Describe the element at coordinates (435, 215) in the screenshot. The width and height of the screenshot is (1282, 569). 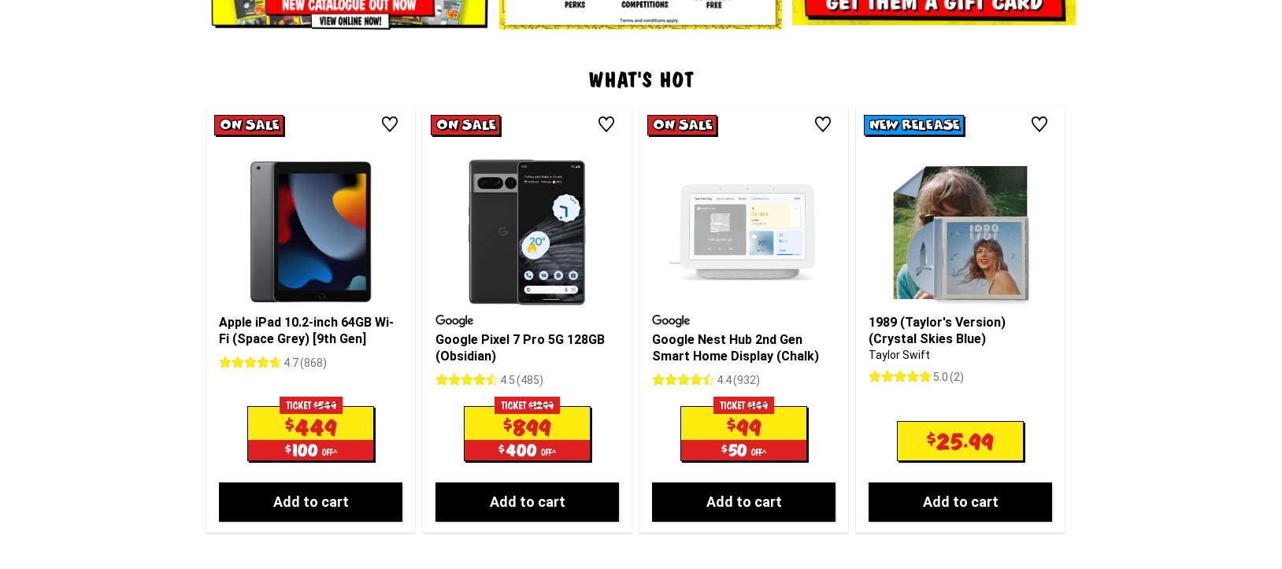
I see `'Google Pixel 7 Pro 5G 128GB (Obsidian)'` at that location.